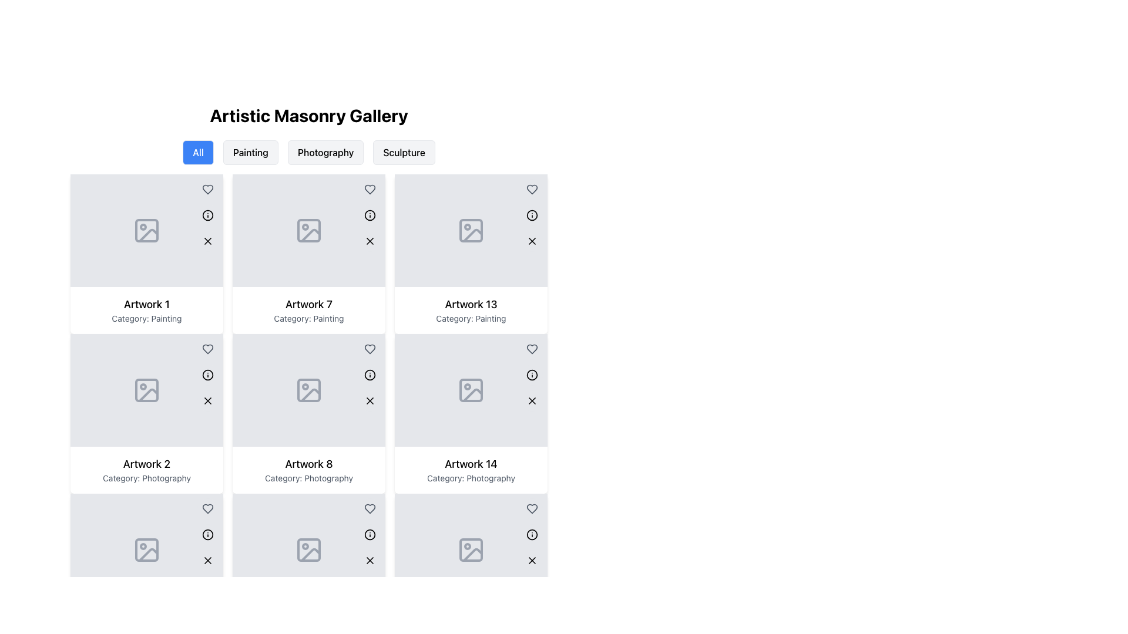 This screenshot has width=1128, height=634. I want to click on the third circular button located at the bottom right corner of the 'Artwork 1' tile, so click(208, 241).